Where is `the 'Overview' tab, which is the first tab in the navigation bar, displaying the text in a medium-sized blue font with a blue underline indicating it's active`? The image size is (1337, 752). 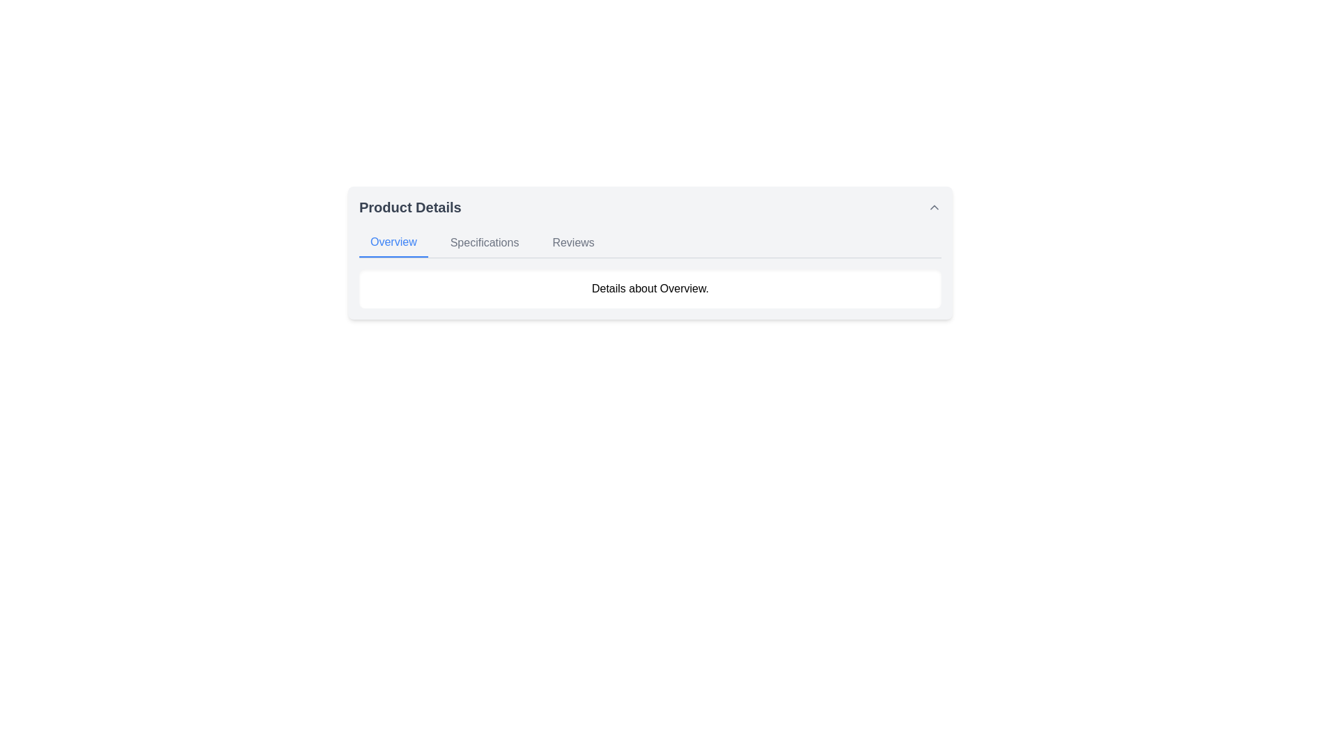 the 'Overview' tab, which is the first tab in the navigation bar, displaying the text in a medium-sized blue font with a blue underline indicating it's active is located at coordinates (393, 242).